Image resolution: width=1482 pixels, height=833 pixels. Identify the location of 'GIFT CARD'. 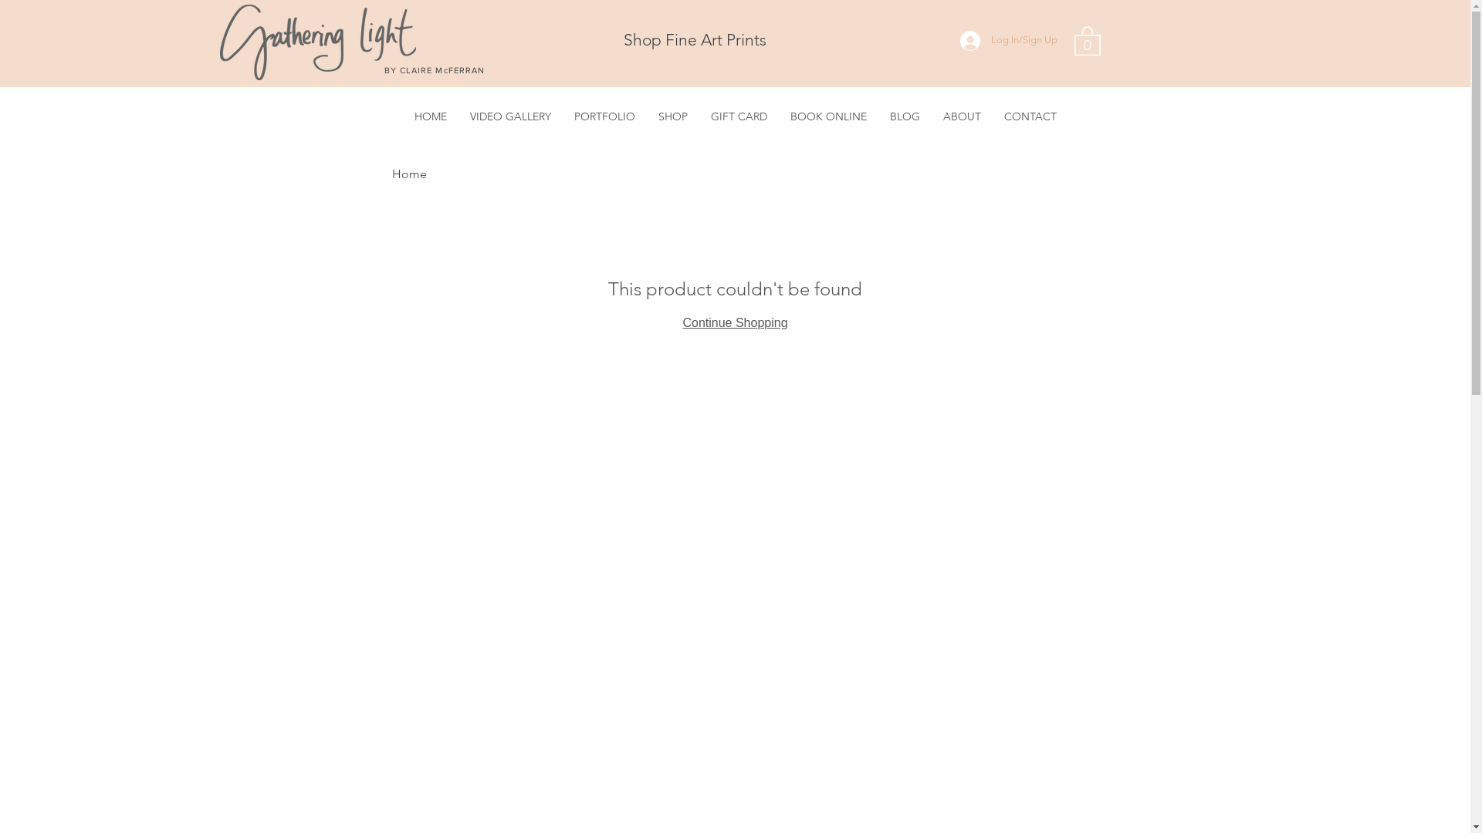
(738, 115).